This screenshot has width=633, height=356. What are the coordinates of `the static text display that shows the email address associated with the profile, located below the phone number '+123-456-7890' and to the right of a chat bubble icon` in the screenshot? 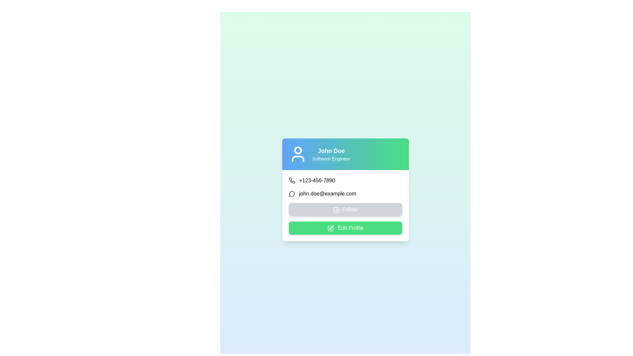 It's located at (327, 193).